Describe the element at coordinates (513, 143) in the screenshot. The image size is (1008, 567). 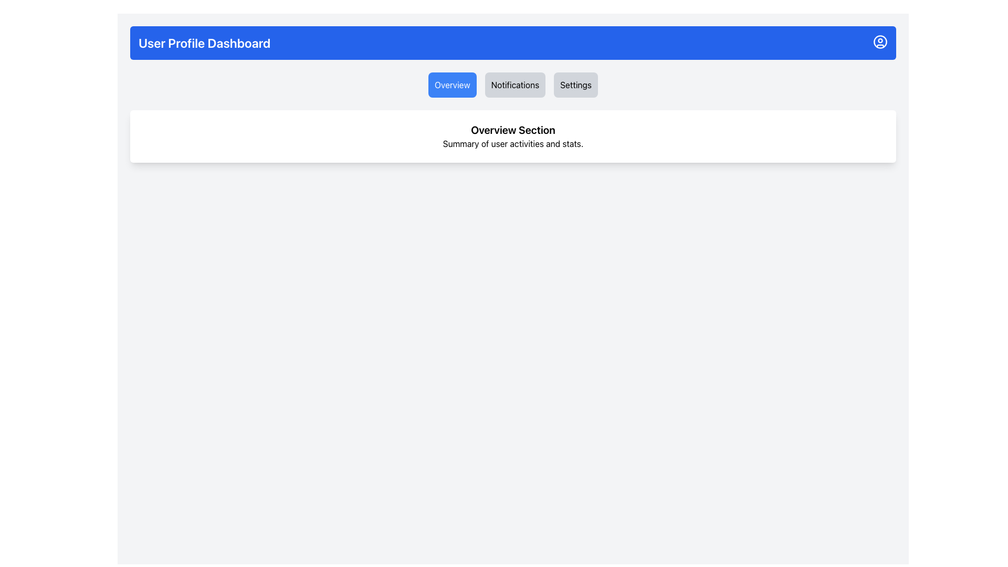
I see `the static text label reading 'Summary of user activities and stats.' which is located directly below the heading 'Overview Section.'` at that location.